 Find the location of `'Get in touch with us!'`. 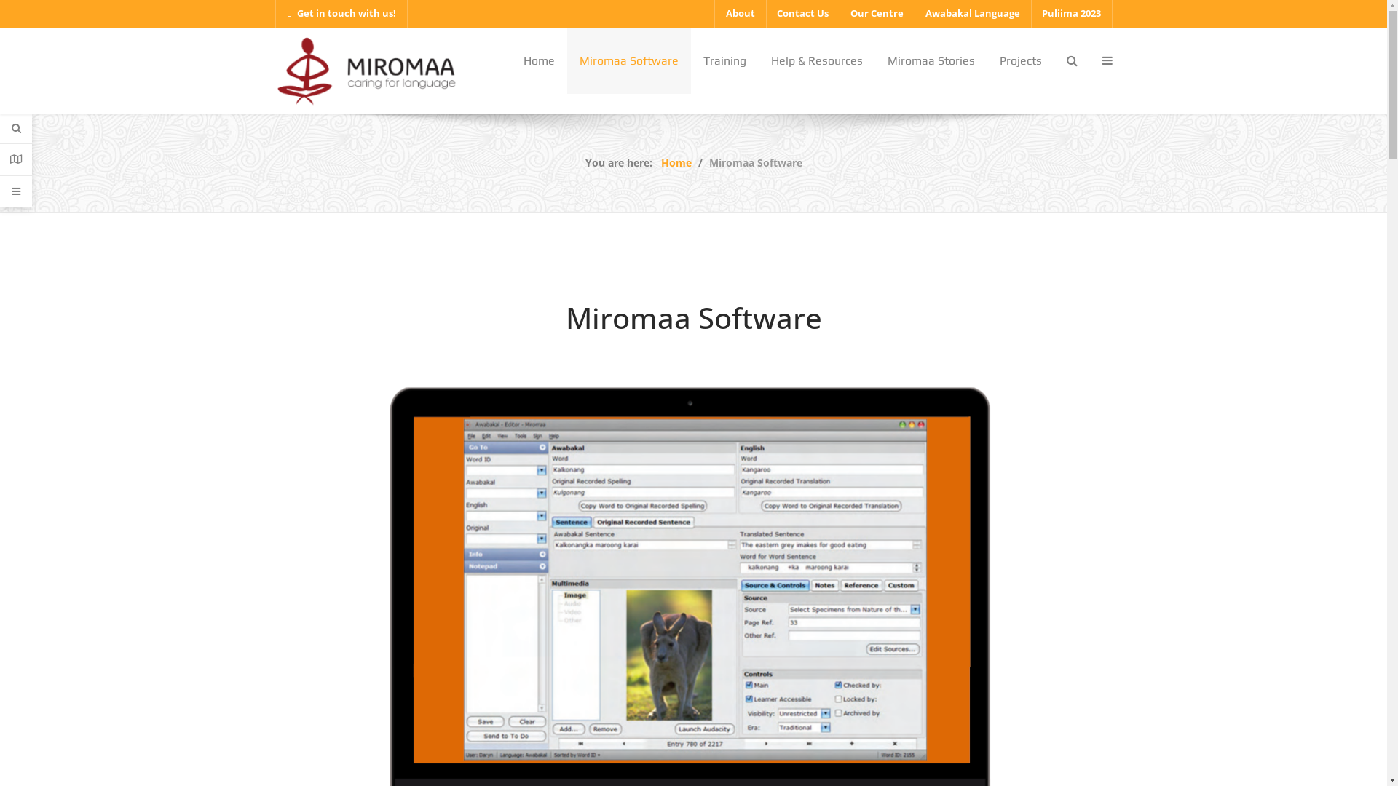

'Get in touch with us!' is located at coordinates (341, 14).